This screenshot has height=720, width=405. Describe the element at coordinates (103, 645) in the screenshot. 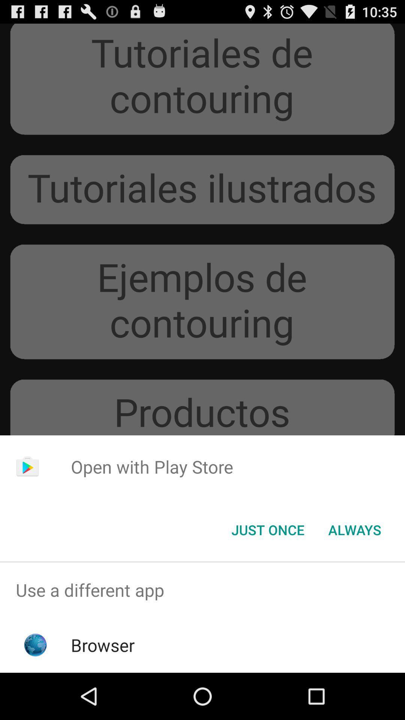

I see `the browser icon` at that location.